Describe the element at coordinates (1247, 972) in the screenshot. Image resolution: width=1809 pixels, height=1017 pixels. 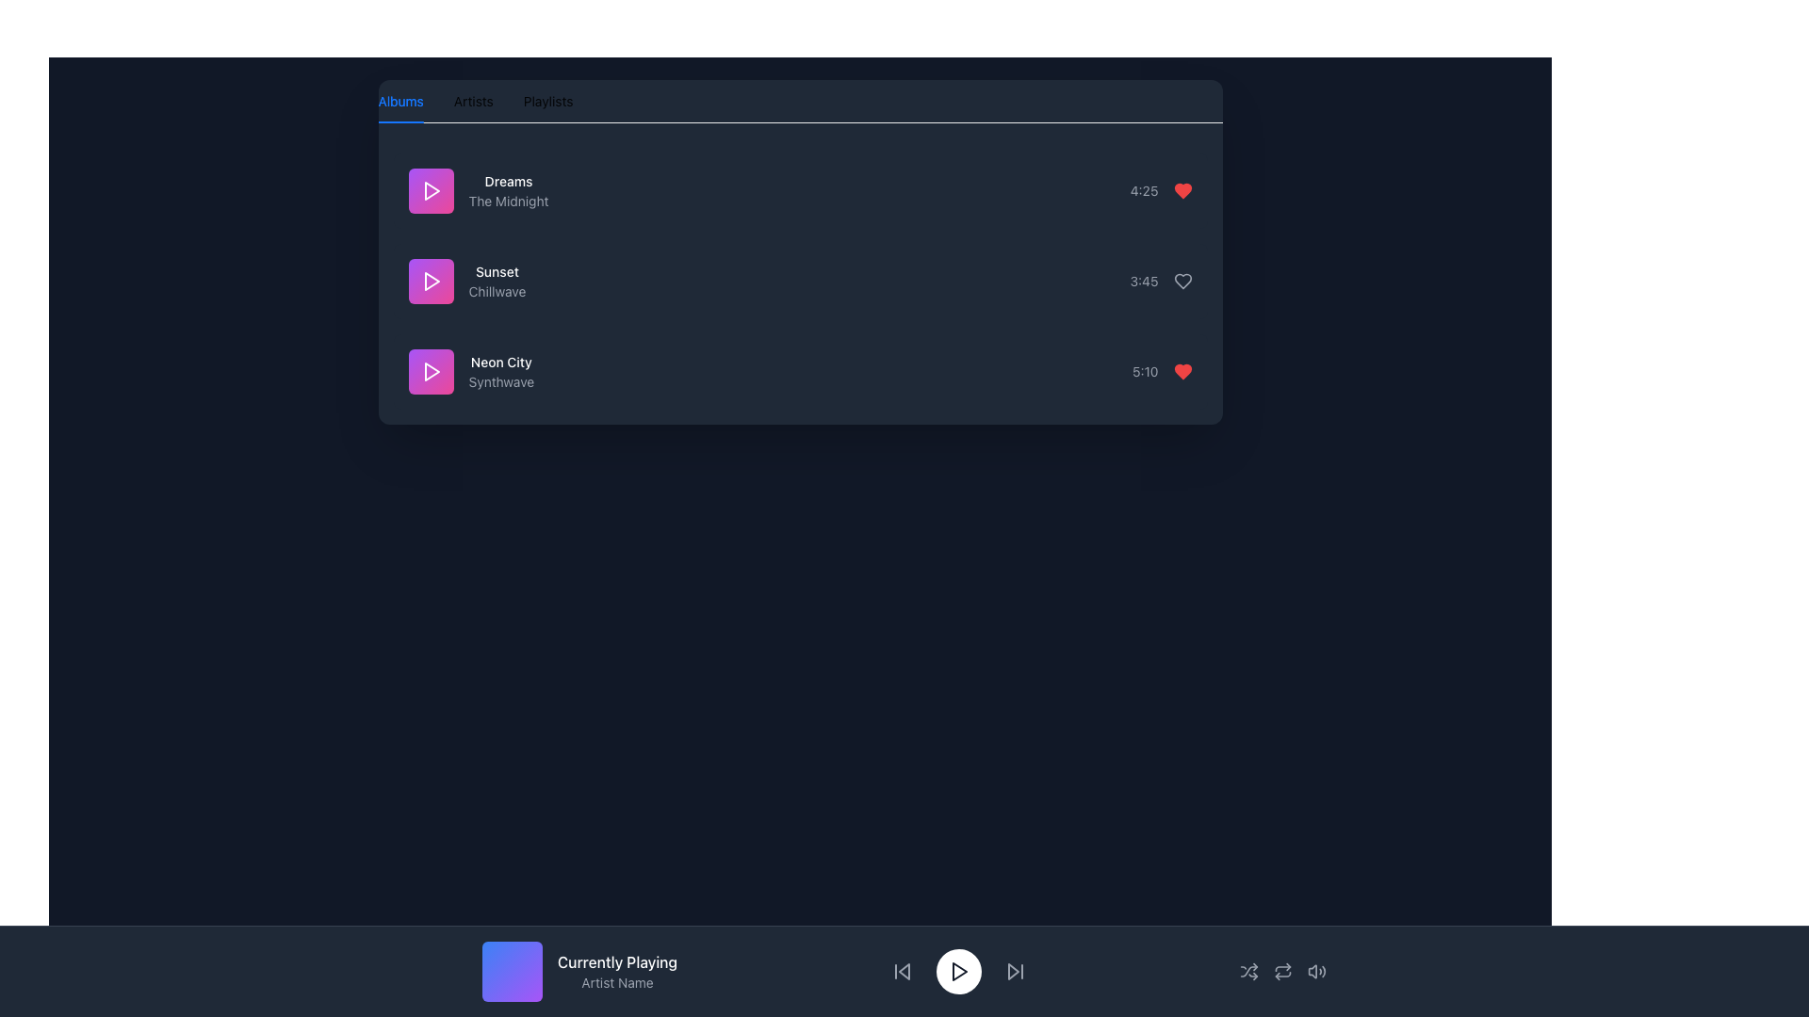
I see `the shuffle icon button, which resembles a shuffle symbol made of intersecting arrows` at that location.